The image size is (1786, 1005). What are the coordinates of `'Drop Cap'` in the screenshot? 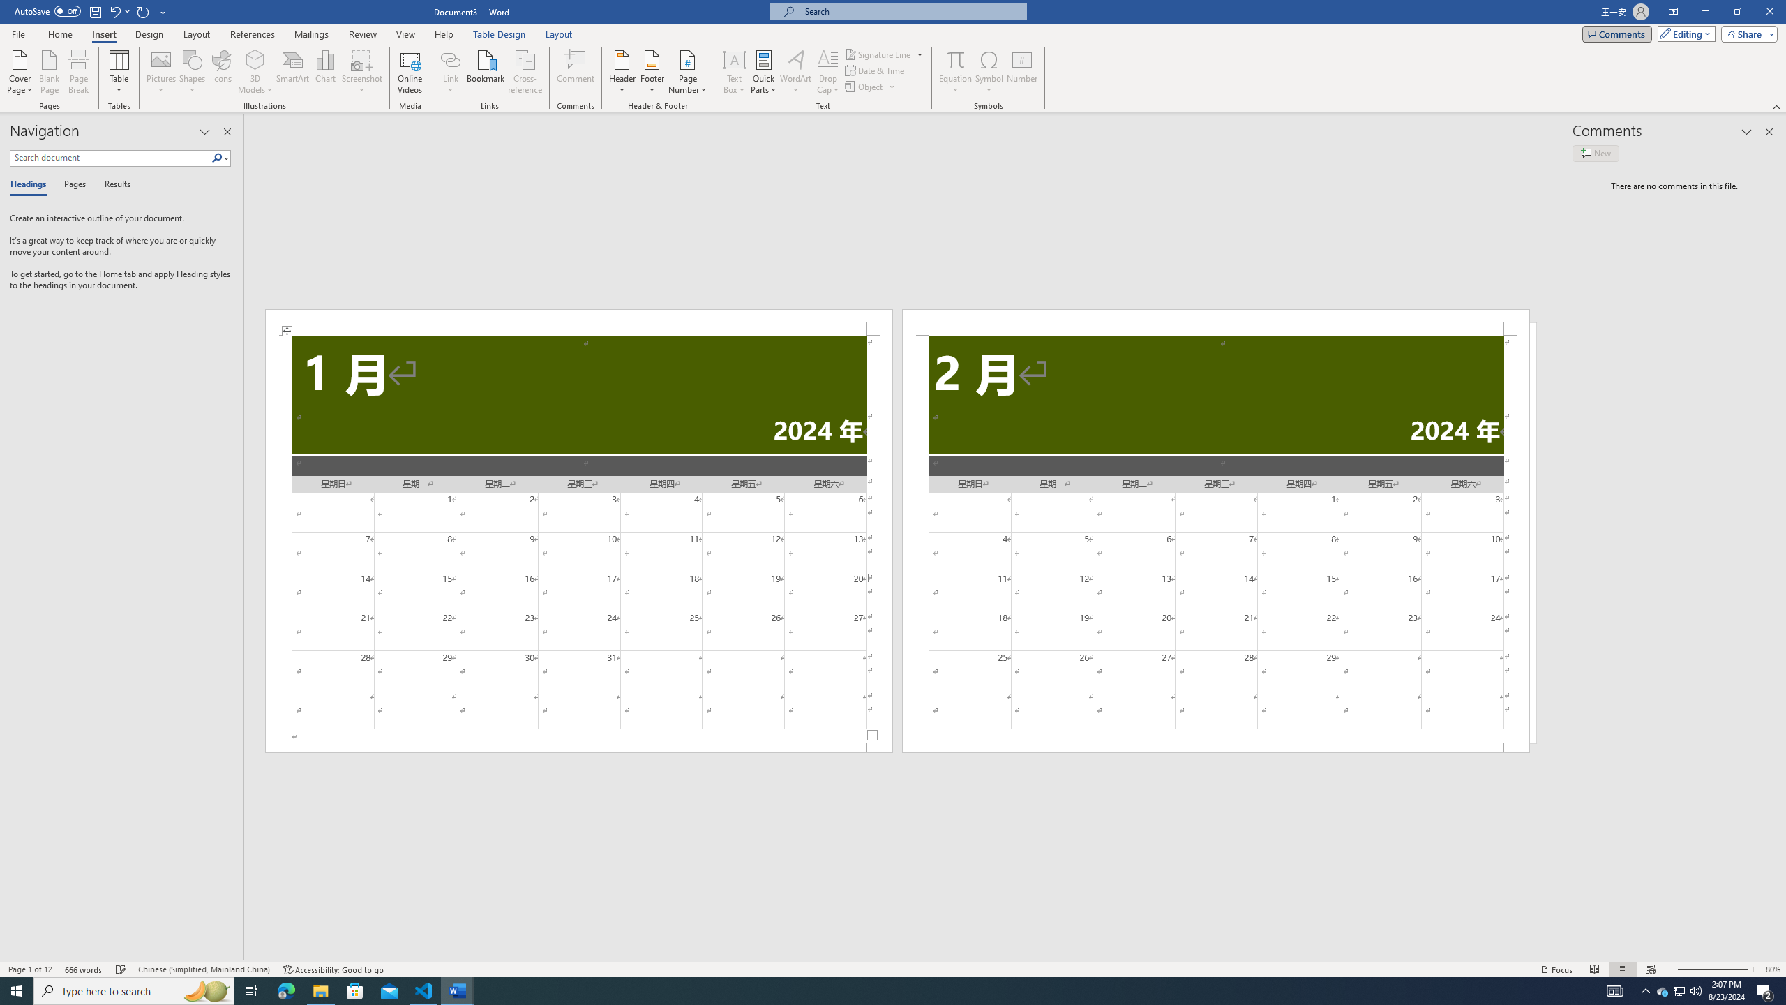 It's located at (827, 72).